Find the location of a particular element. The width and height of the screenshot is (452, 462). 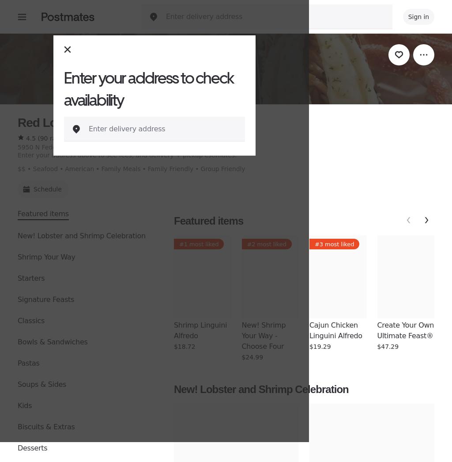

'Seafood' is located at coordinates (32, 168).